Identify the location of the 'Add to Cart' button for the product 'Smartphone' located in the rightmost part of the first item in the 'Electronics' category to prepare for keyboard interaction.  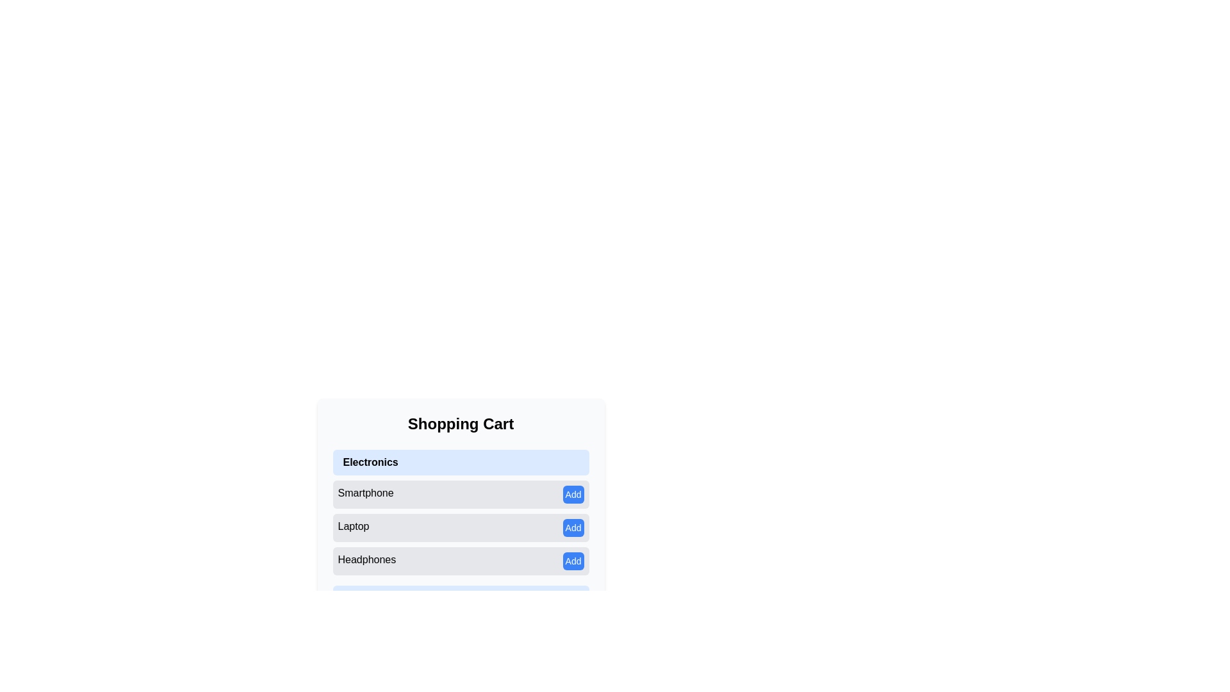
(573, 493).